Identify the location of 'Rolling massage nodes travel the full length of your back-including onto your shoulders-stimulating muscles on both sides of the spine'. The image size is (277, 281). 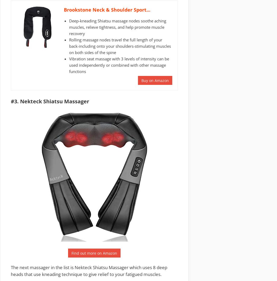
(120, 46).